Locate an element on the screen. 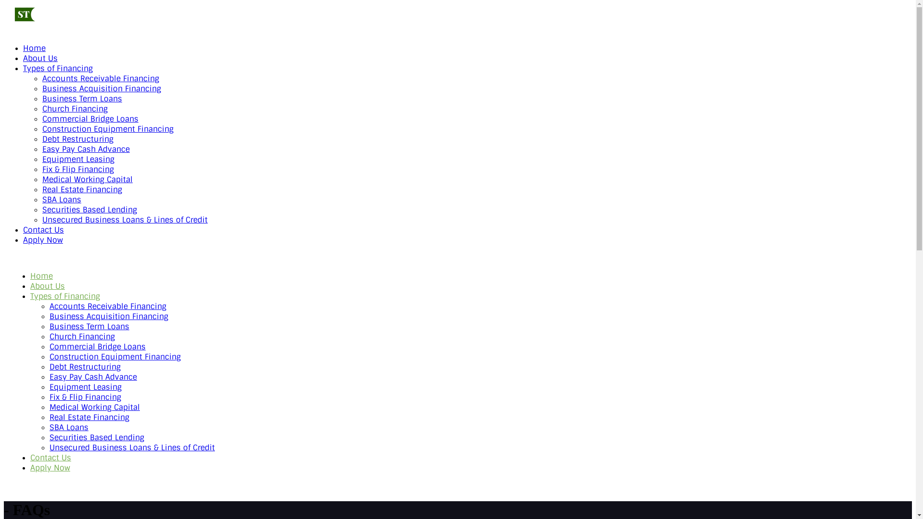 Image resolution: width=923 pixels, height=519 pixels. 'Types of Financing' is located at coordinates (57, 68).